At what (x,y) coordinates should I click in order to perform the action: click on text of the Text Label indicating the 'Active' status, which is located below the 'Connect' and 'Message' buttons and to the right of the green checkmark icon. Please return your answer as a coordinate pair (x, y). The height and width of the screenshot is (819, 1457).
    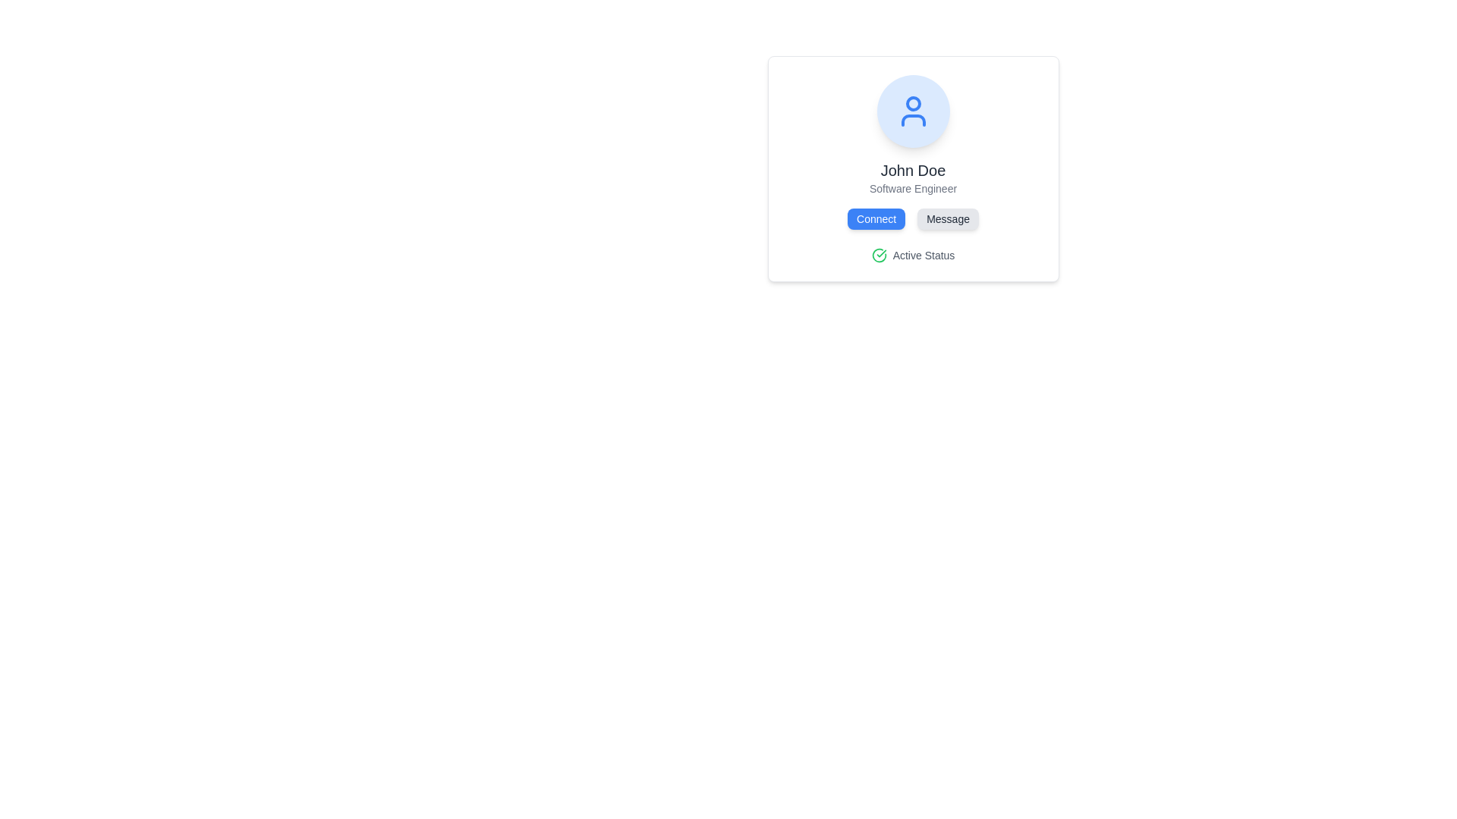
    Looking at the image, I should click on (923, 254).